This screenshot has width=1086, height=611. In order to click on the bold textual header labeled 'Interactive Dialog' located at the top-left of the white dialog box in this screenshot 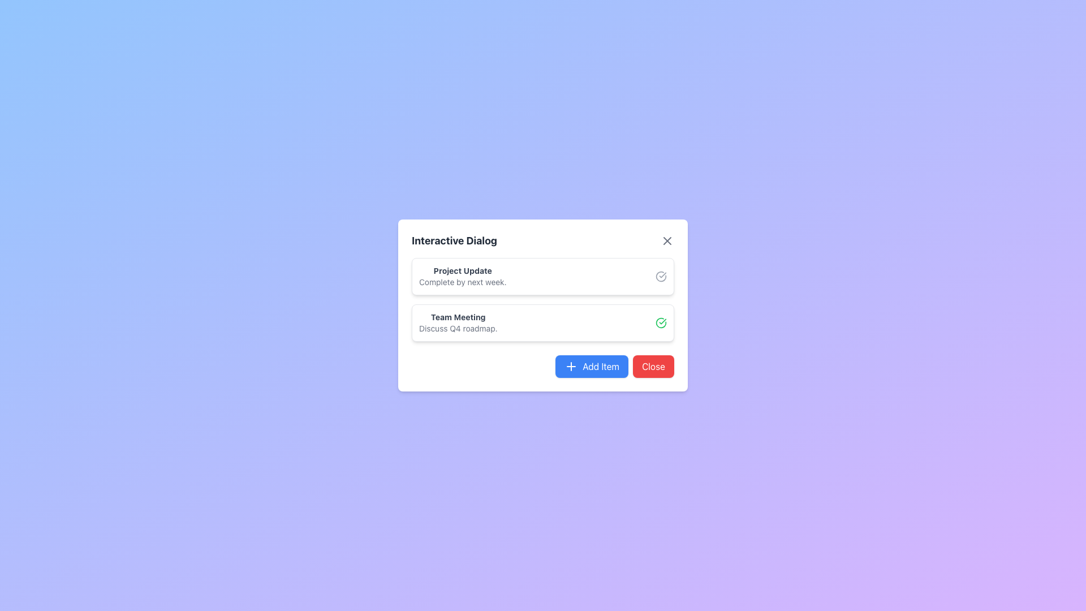, I will do `click(454, 240)`.